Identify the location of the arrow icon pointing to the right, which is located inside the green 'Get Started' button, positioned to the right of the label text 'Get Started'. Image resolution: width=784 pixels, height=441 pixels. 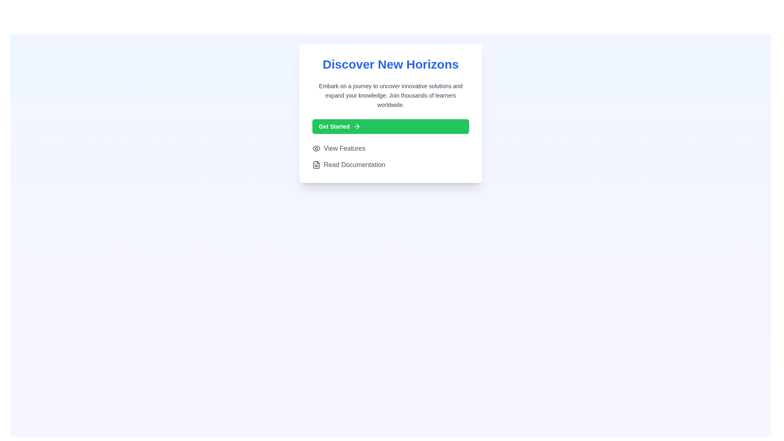
(357, 127).